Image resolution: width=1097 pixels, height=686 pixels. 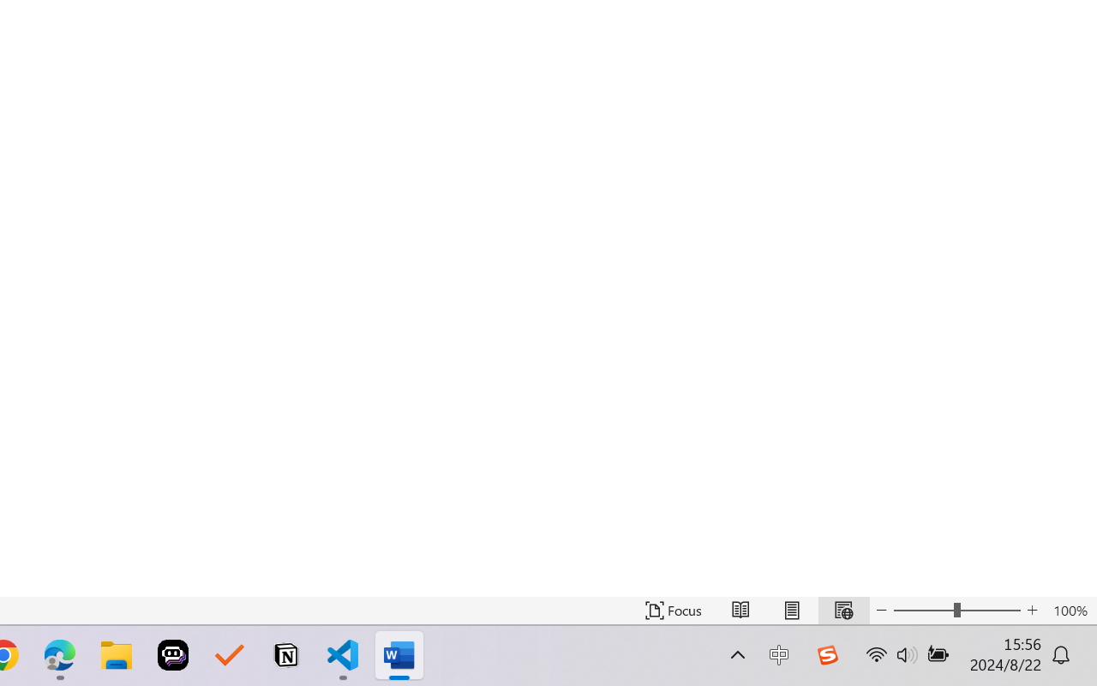 I want to click on 'Print Layout', so click(x=791, y=610).